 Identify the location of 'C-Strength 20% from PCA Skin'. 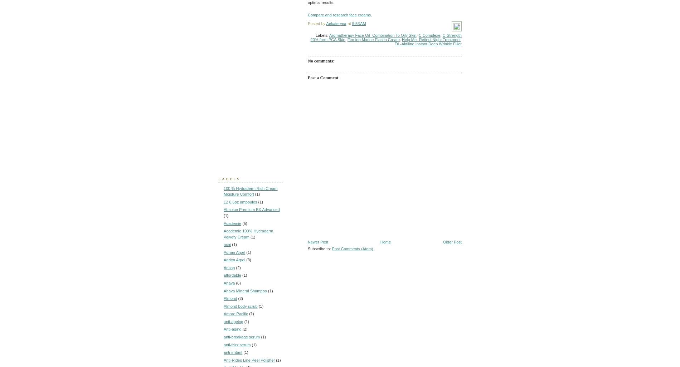
(386, 37).